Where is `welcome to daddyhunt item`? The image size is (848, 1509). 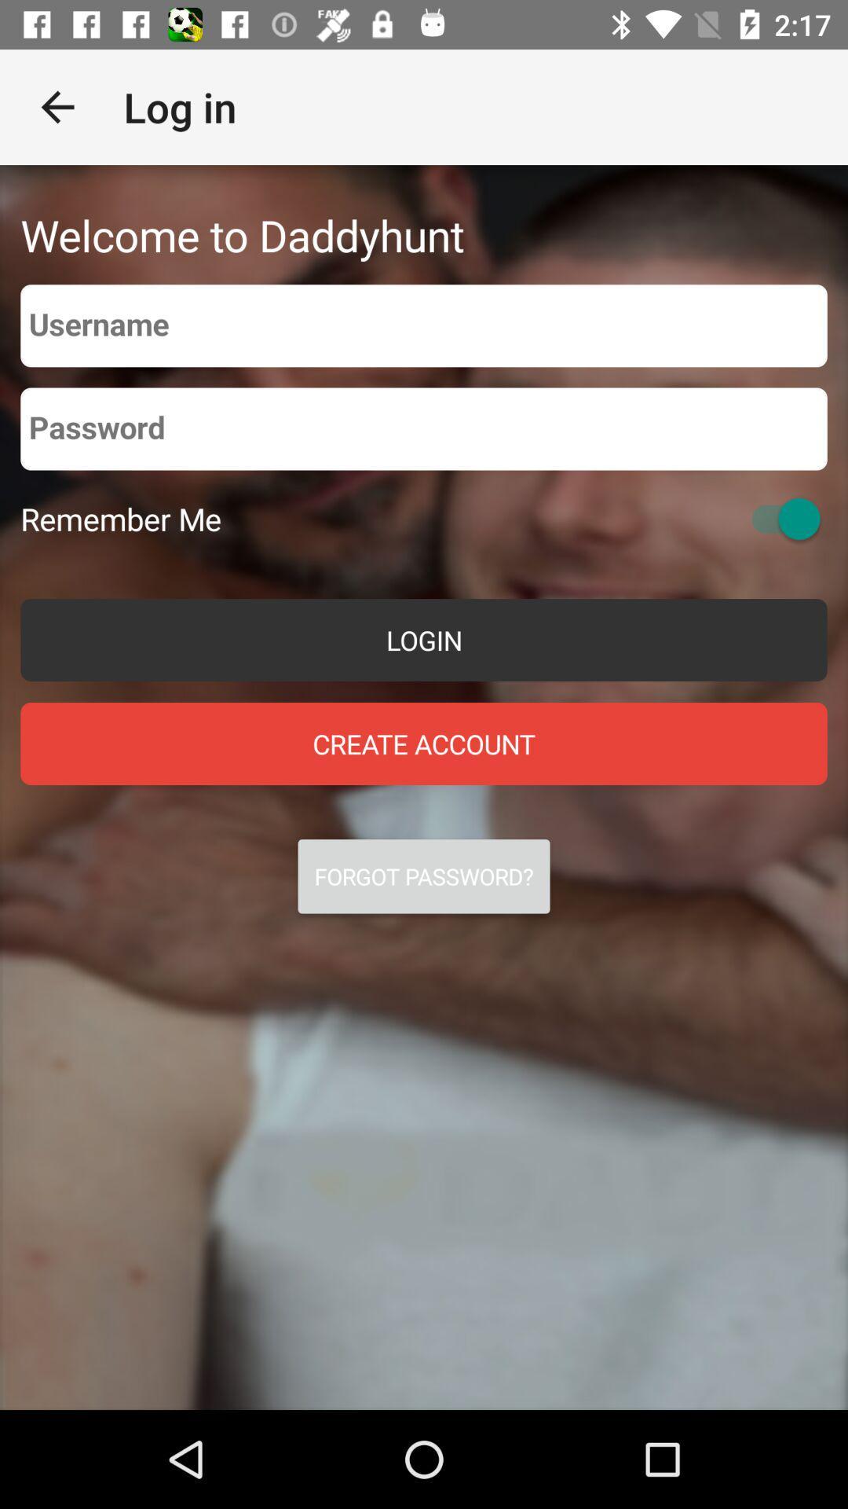
welcome to daddyhunt item is located at coordinates (242, 234).